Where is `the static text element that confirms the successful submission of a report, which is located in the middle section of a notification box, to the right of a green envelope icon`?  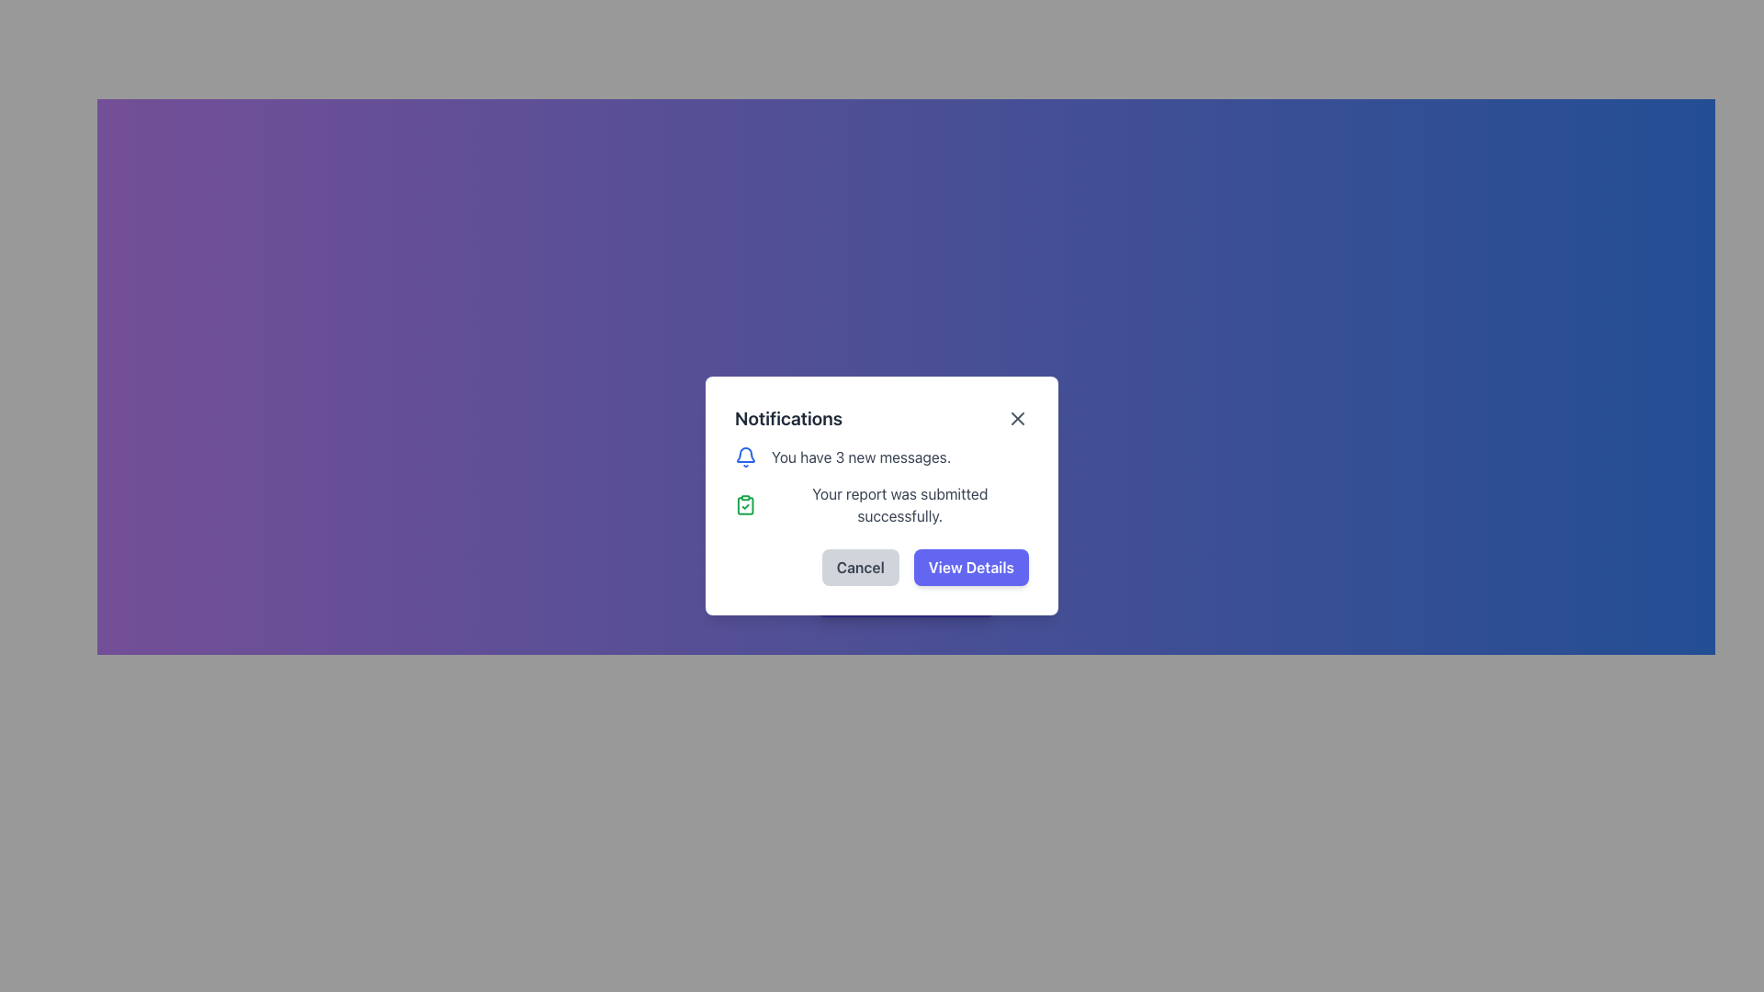
the static text element that confirms the successful submission of a report, which is located in the middle section of a notification box, to the right of a green envelope icon is located at coordinates (899, 505).